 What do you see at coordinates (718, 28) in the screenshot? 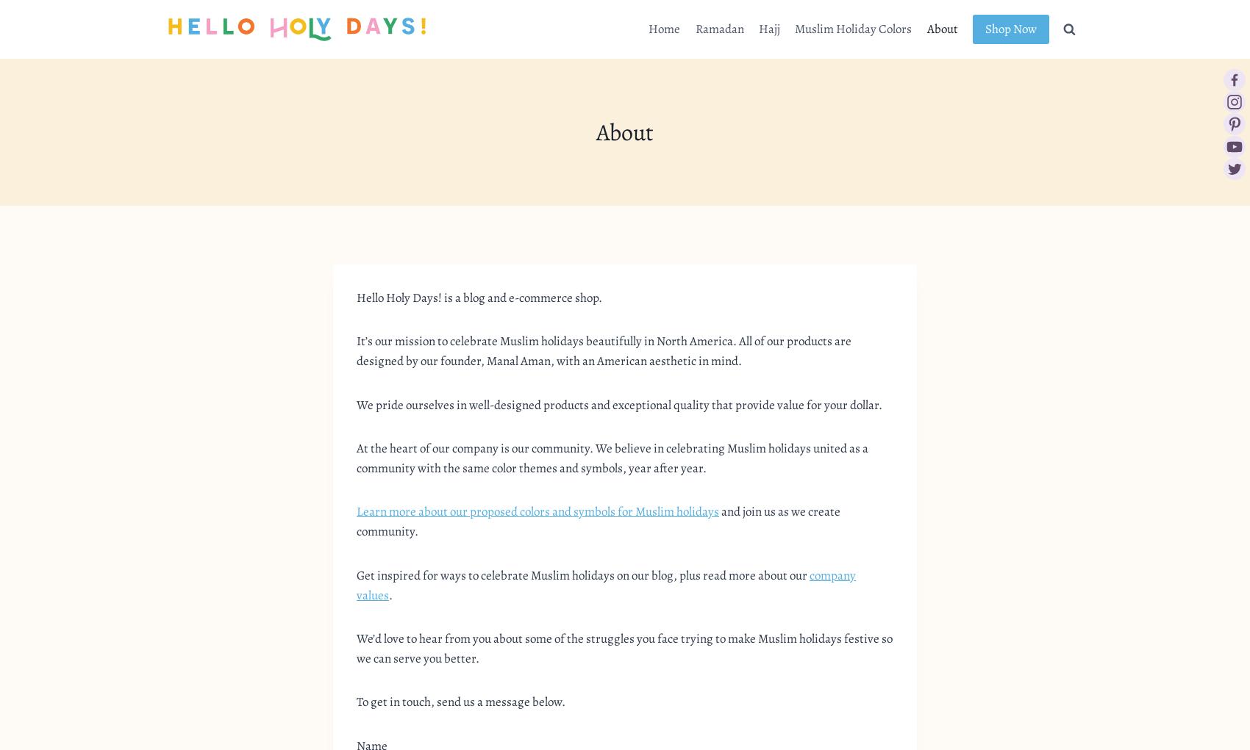
I see `'Ramadan'` at bounding box center [718, 28].